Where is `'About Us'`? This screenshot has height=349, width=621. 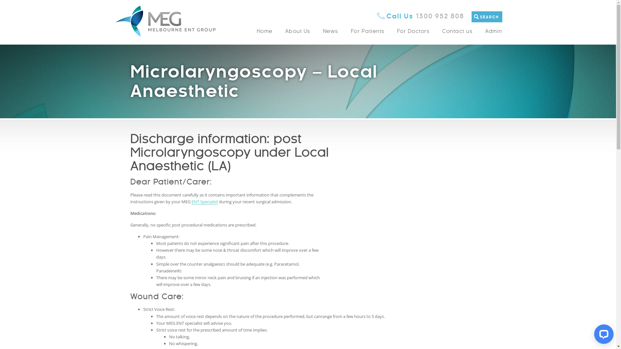 'About Us' is located at coordinates (298, 31).